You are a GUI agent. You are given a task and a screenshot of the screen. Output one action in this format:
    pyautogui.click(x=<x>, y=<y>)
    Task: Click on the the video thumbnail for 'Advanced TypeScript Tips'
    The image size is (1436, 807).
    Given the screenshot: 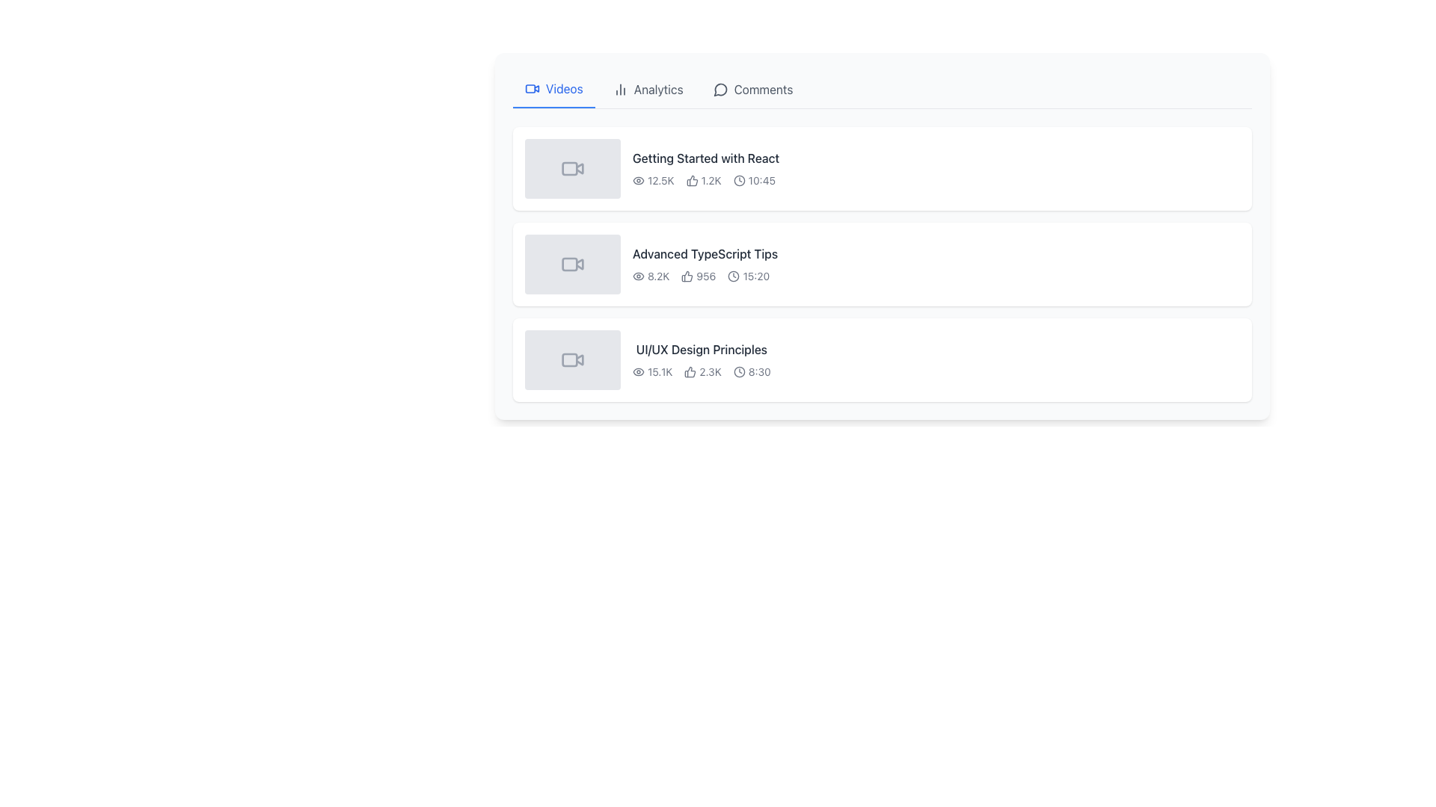 What is the action you would take?
    pyautogui.click(x=572, y=264)
    